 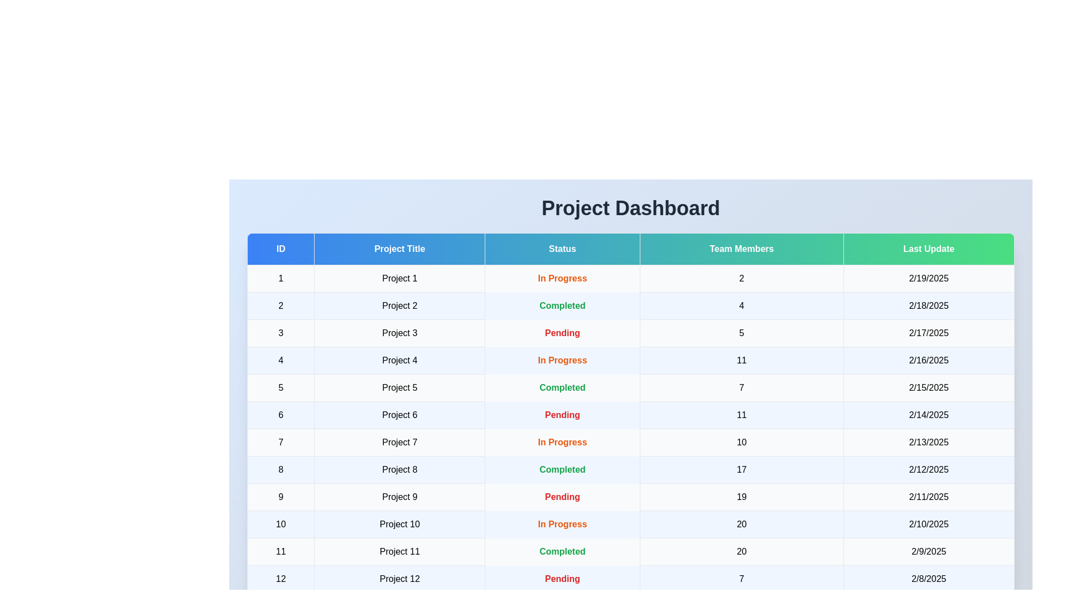 I want to click on the column header to sort the table by Project Title, so click(x=399, y=249).